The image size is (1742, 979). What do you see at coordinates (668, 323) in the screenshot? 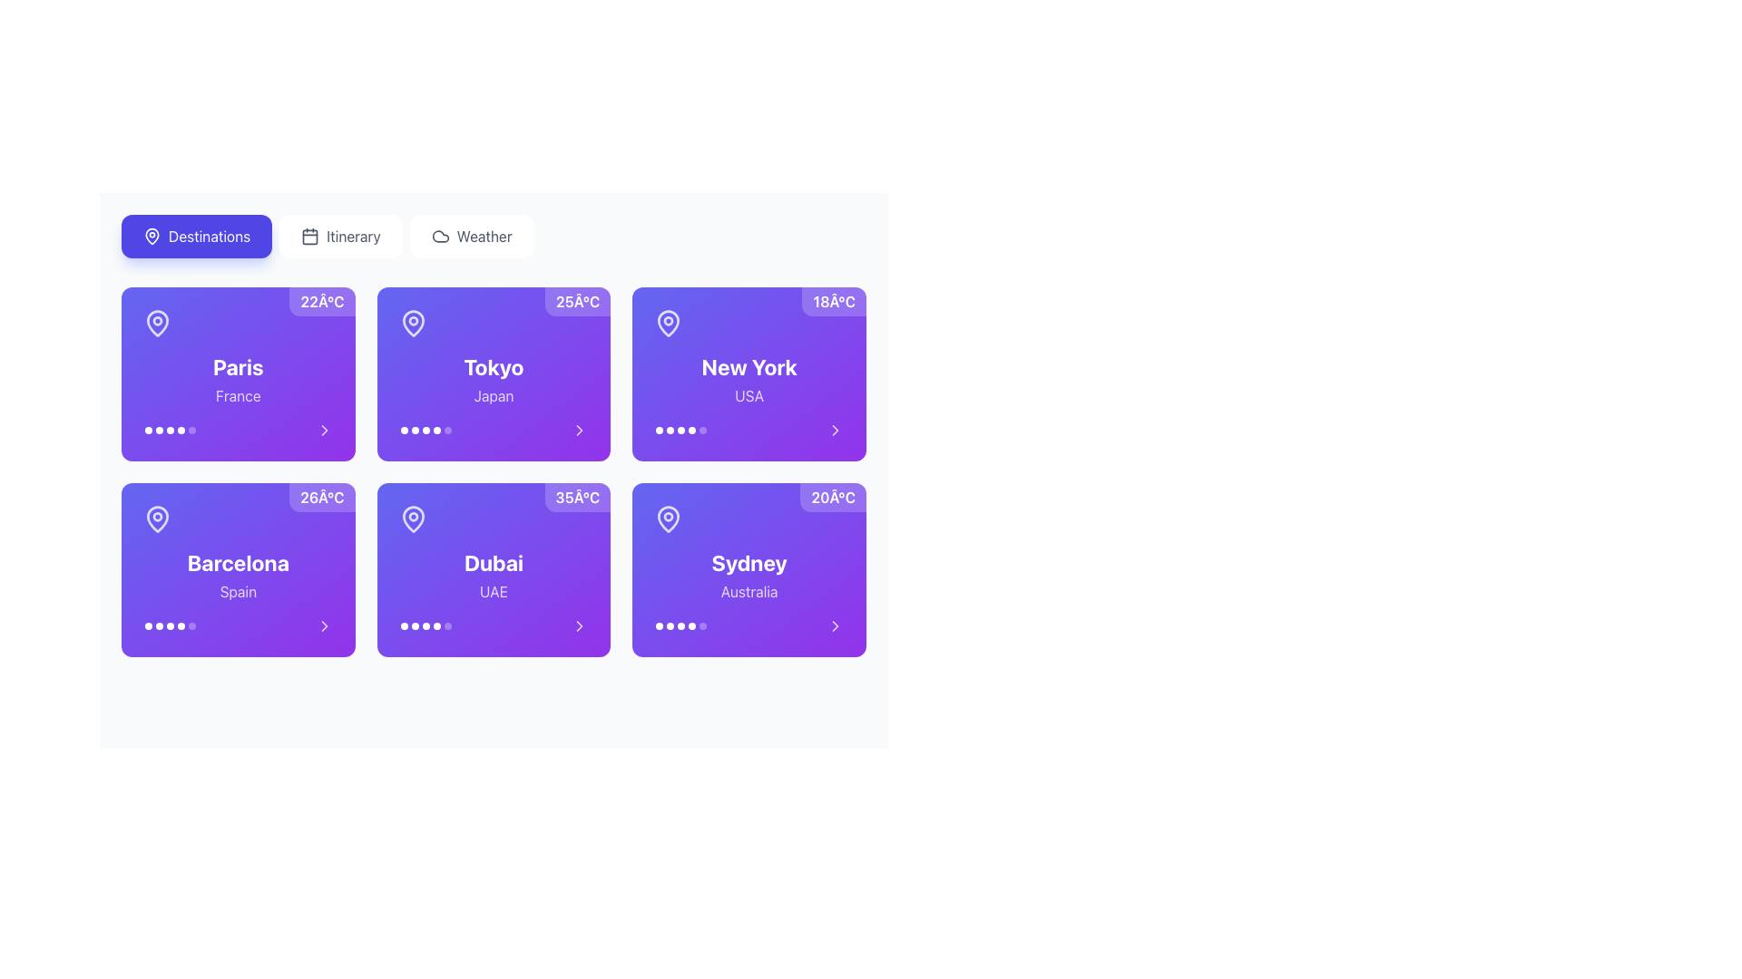
I see `icon indicating the location entity for the 'New York' card, which is located in the top row, third column of the grid layout, near the title text area` at bounding box center [668, 323].